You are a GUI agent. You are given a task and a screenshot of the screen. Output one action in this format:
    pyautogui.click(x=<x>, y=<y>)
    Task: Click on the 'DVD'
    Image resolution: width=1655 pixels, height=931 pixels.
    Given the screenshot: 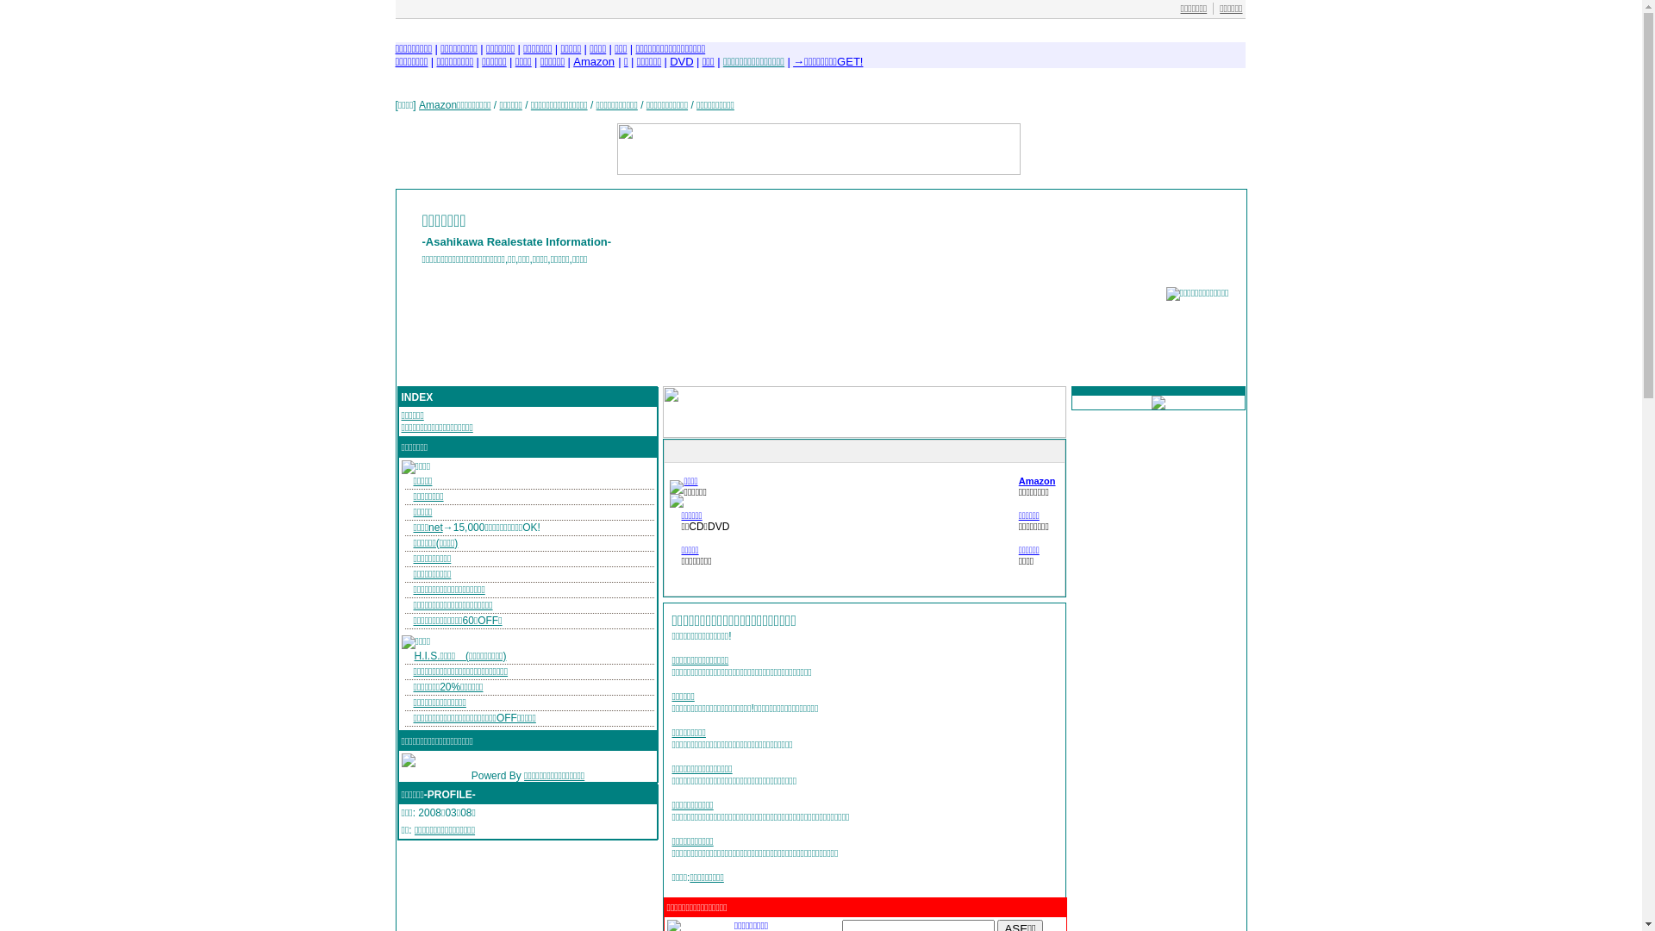 What is the action you would take?
    pyautogui.click(x=680, y=60)
    